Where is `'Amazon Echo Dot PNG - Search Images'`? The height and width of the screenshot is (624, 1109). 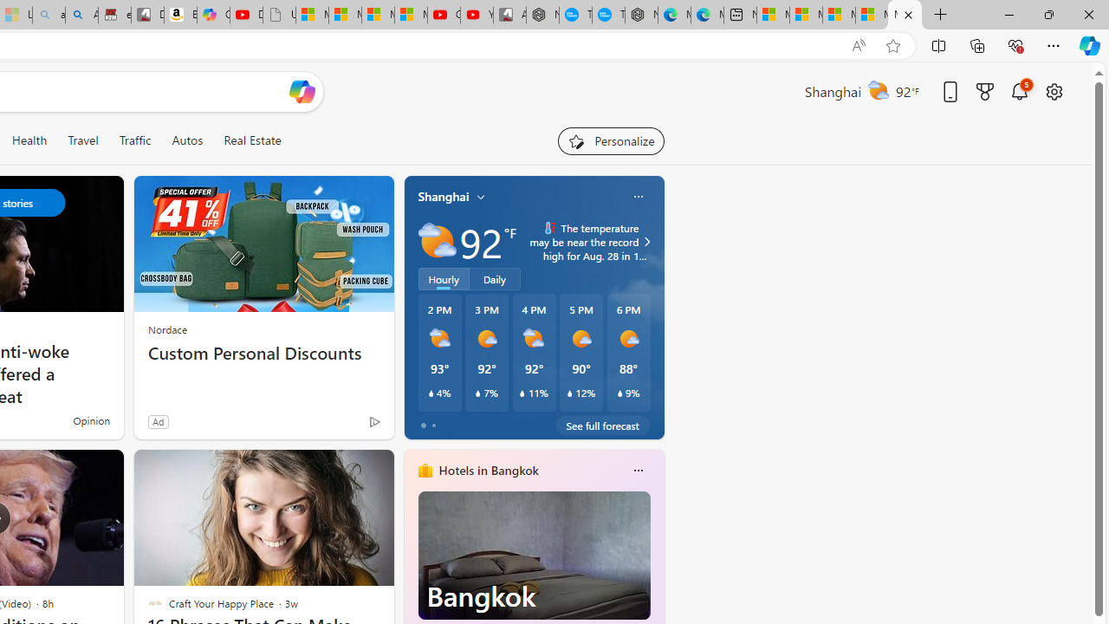
'Amazon Echo Dot PNG - Search Images' is located at coordinates (81, 15).